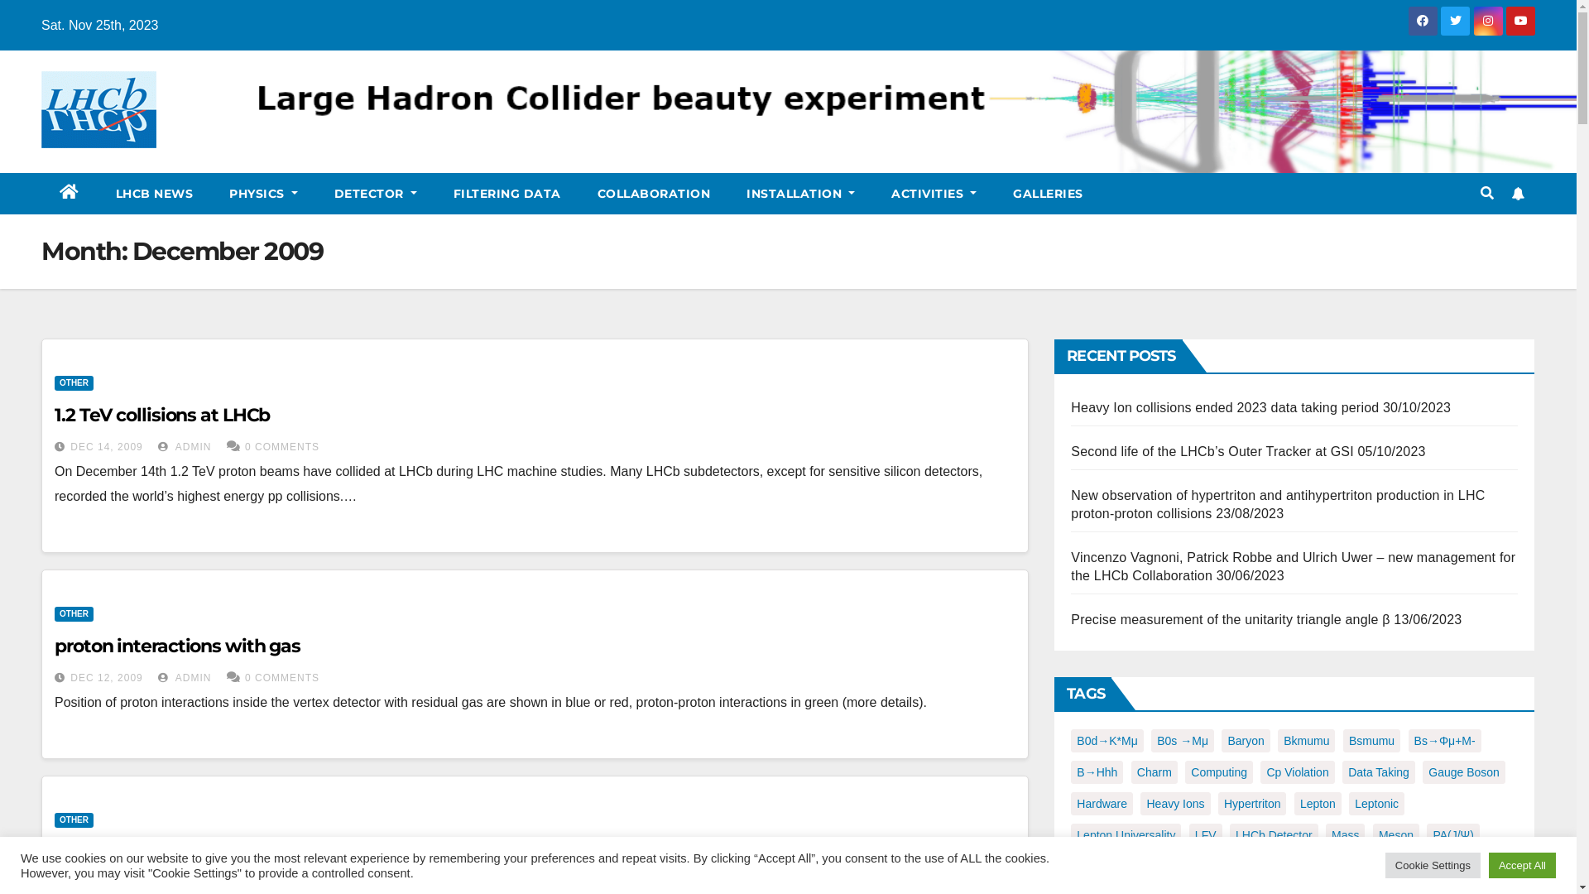 The height and width of the screenshot is (894, 1589). Describe the element at coordinates (1171, 865) in the screenshot. I see `'PHe'` at that location.